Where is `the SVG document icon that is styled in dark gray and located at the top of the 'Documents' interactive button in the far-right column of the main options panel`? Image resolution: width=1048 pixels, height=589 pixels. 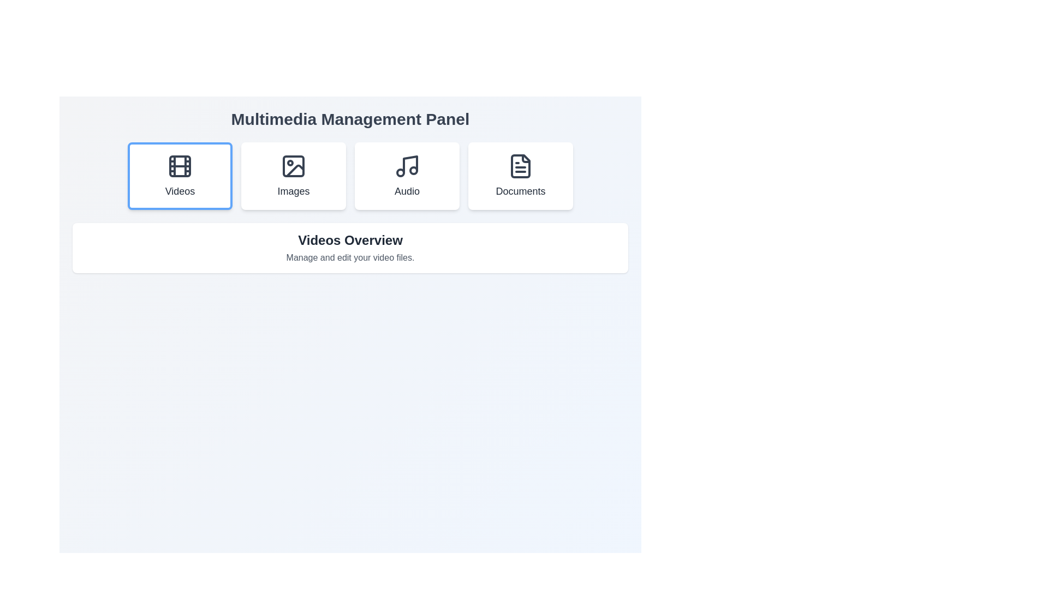 the SVG document icon that is styled in dark gray and located at the top of the 'Documents' interactive button in the far-right column of the main options panel is located at coordinates (520, 166).